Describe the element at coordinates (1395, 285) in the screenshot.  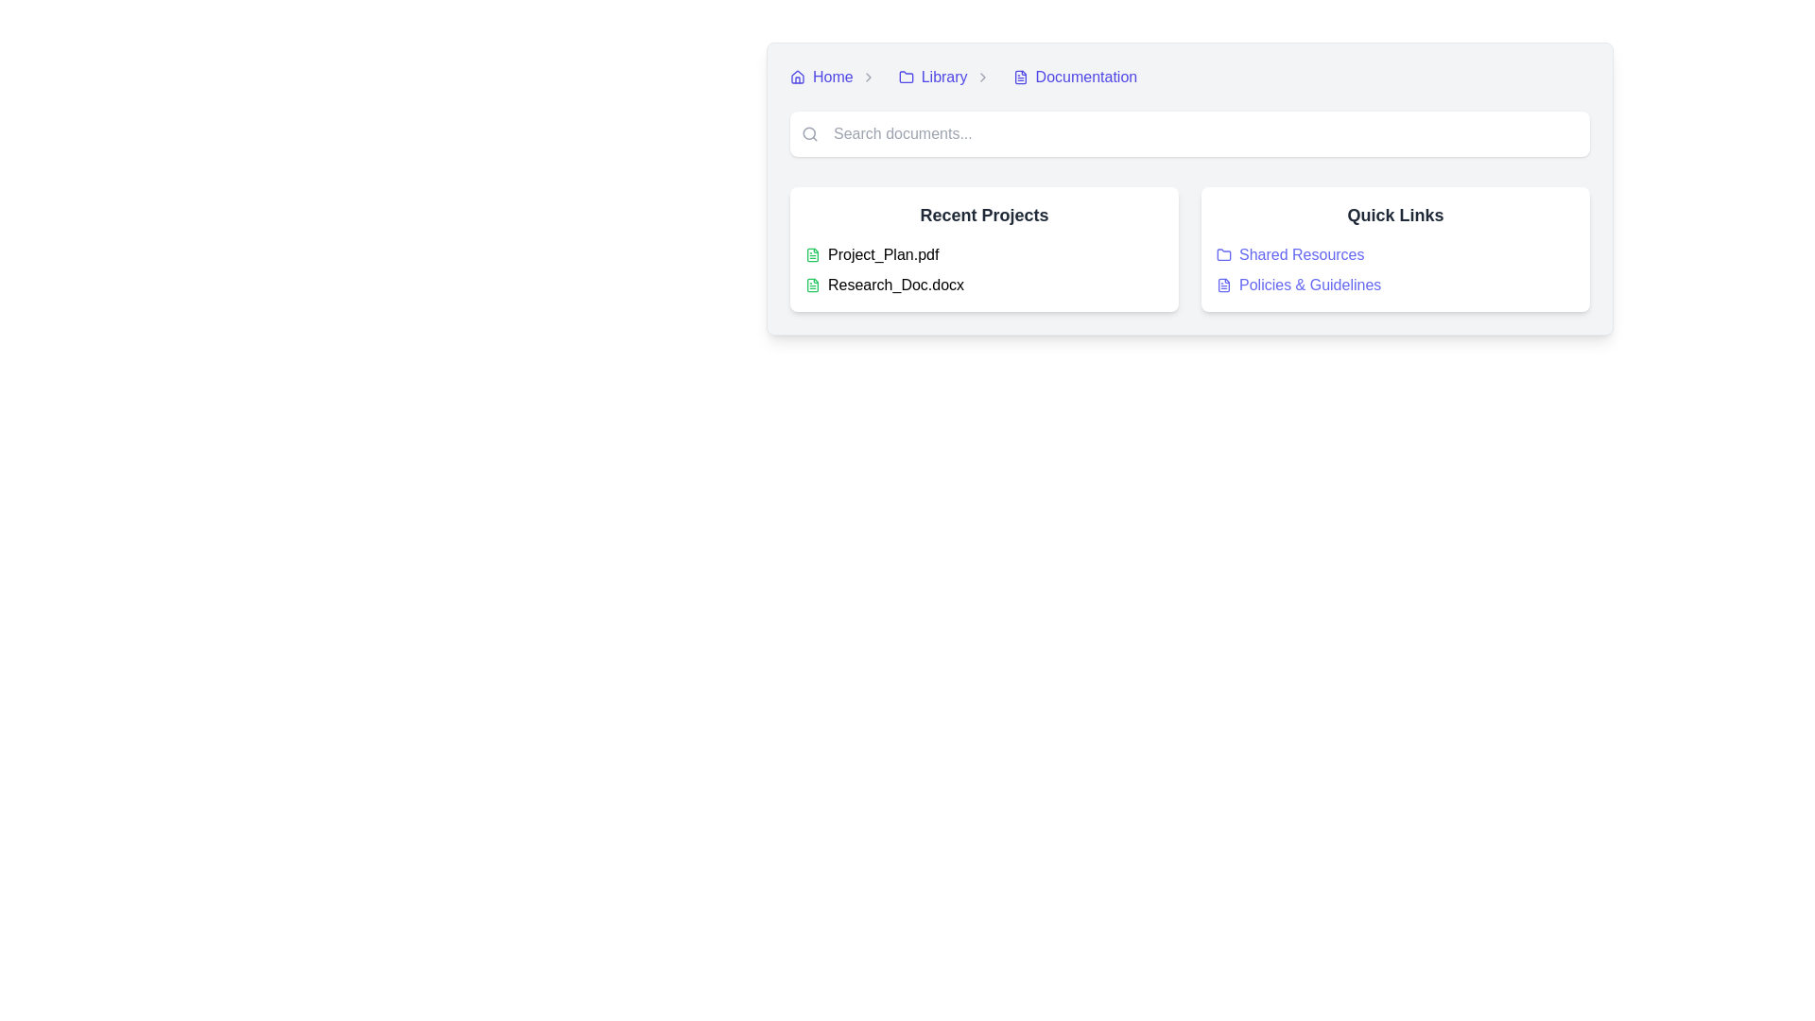
I see `the icon of the hyperlink positioned below the 'Shared Resources' hyperlink in the 'Quick Links' column of the 'Shared Resources Policies & Guidelines' section` at that location.